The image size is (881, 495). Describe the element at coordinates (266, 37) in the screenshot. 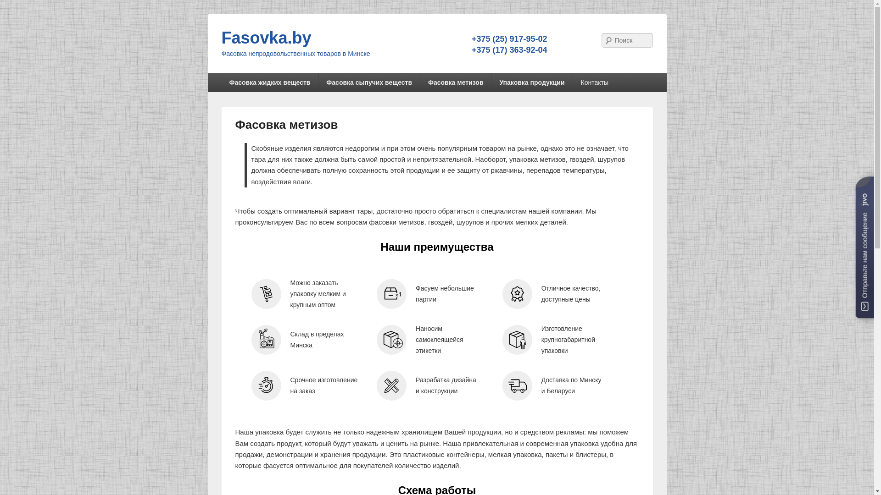

I see `'Fasovka.by'` at that location.